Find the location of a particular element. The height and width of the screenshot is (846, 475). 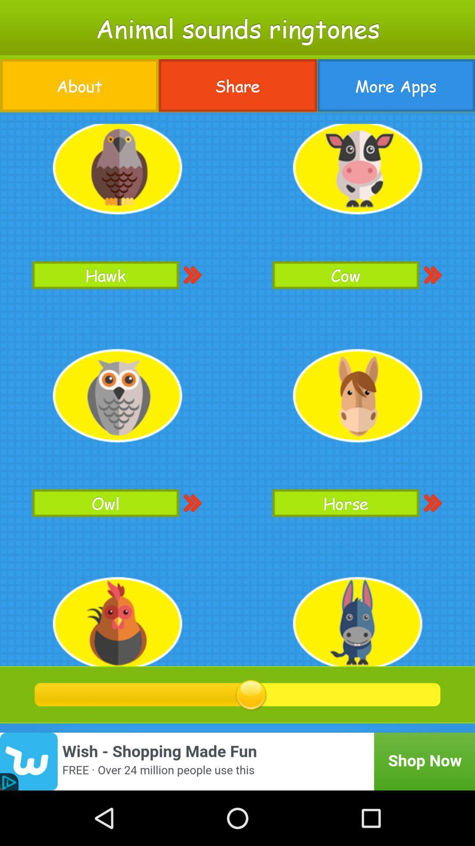

about item is located at coordinates (79, 85).